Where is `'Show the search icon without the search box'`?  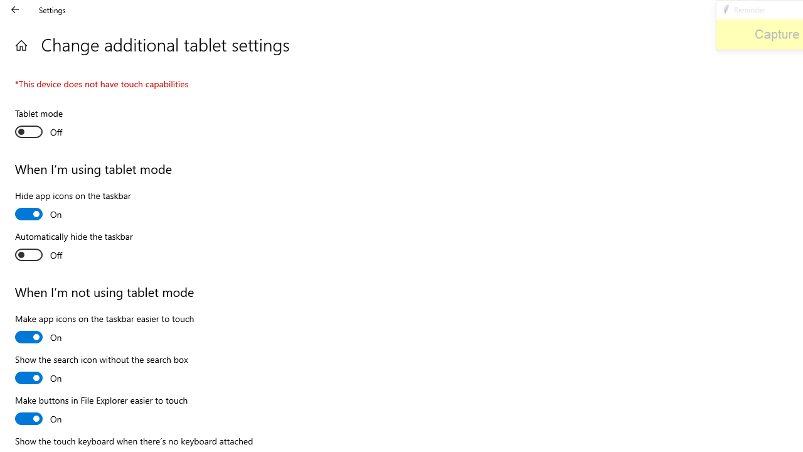
'Show the search icon without the search box' is located at coordinates (101, 370).